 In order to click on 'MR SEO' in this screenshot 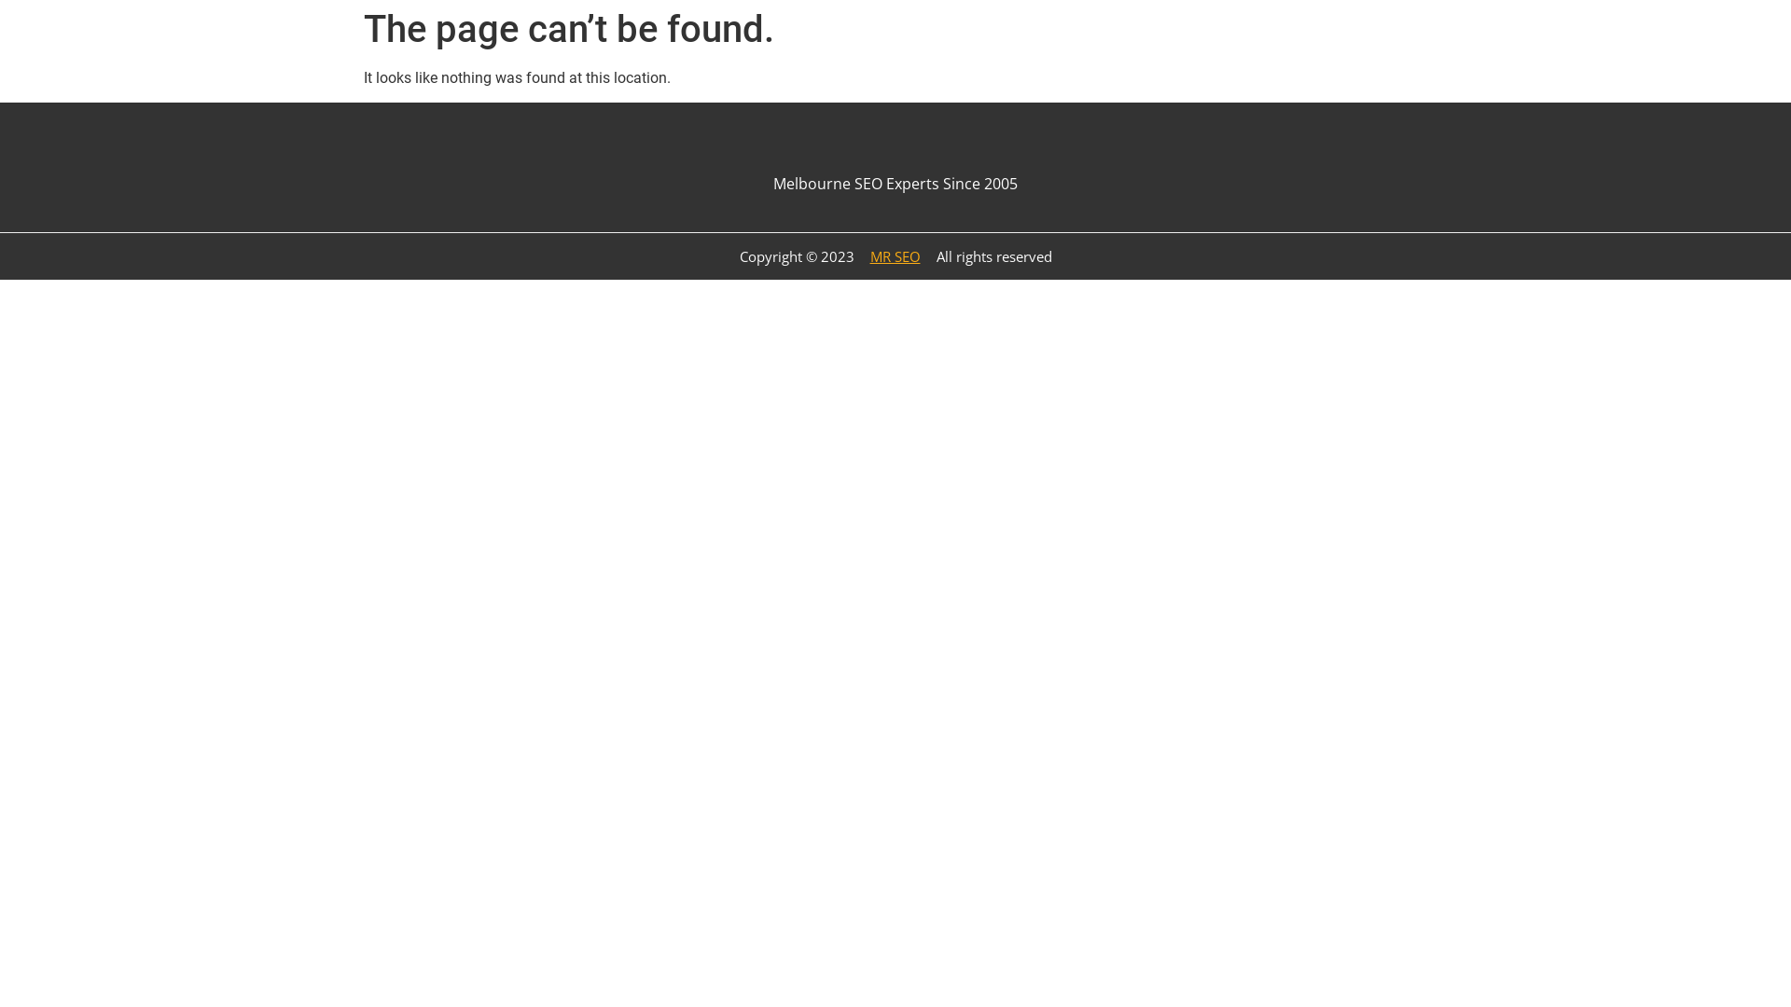, I will do `click(895, 255)`.